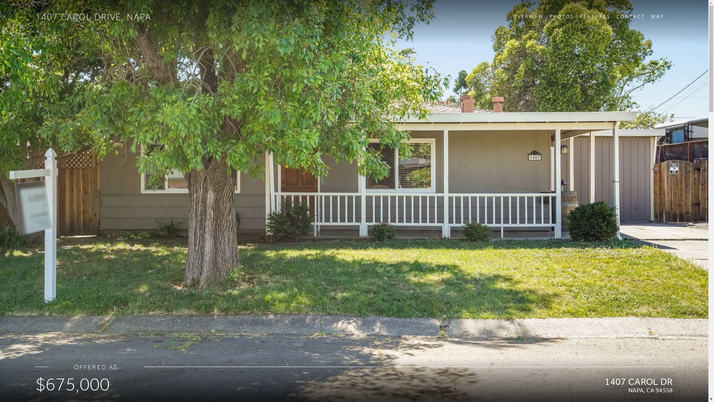 The image size is (714, 402). Describe the element at coordinates (595, 16) in the screenshot. I see `'FEATURES'` at that location.